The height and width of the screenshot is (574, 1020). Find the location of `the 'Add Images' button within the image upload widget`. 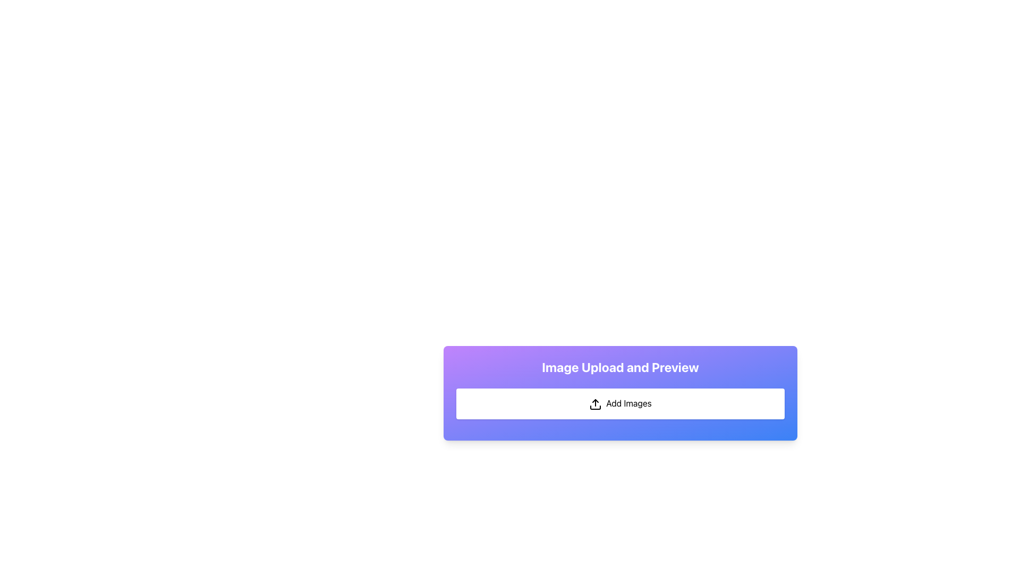

the 'Add Images' button within the image upload widget is located at coordinates (620, 393).